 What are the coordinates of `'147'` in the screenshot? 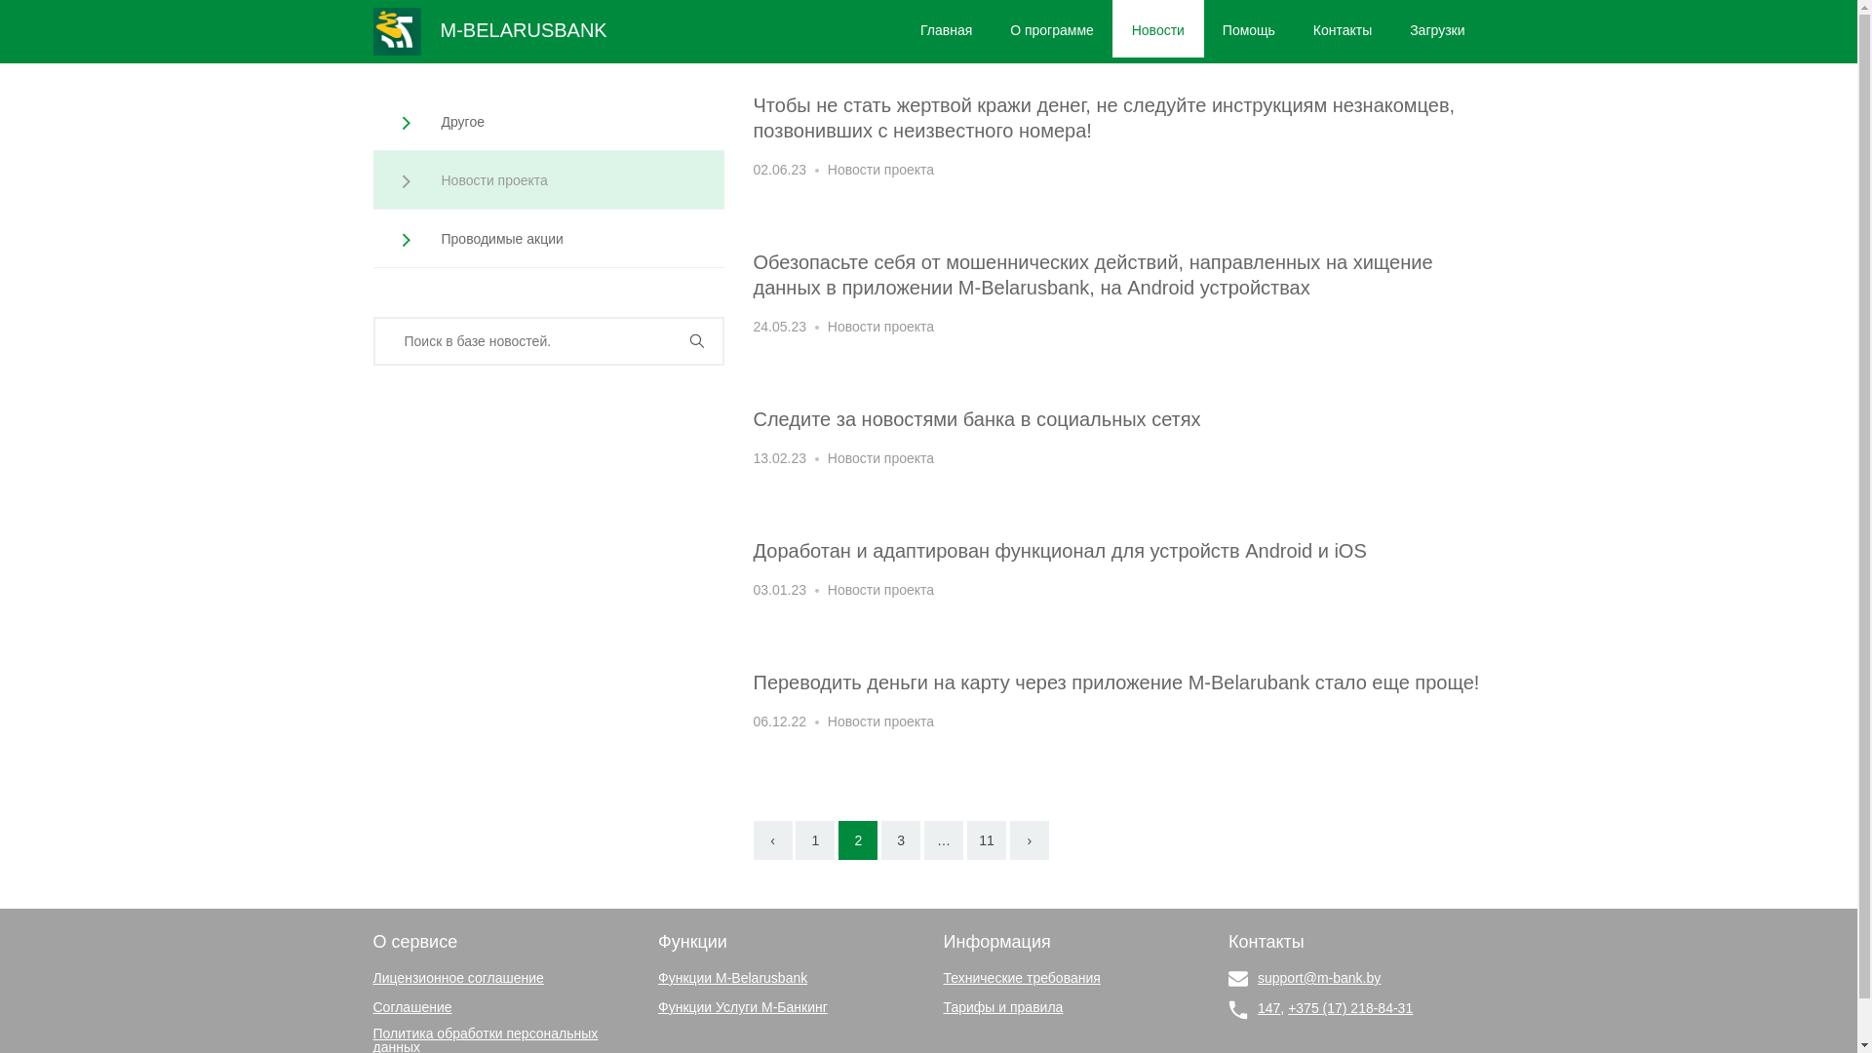 It's located at (1258, 1007).